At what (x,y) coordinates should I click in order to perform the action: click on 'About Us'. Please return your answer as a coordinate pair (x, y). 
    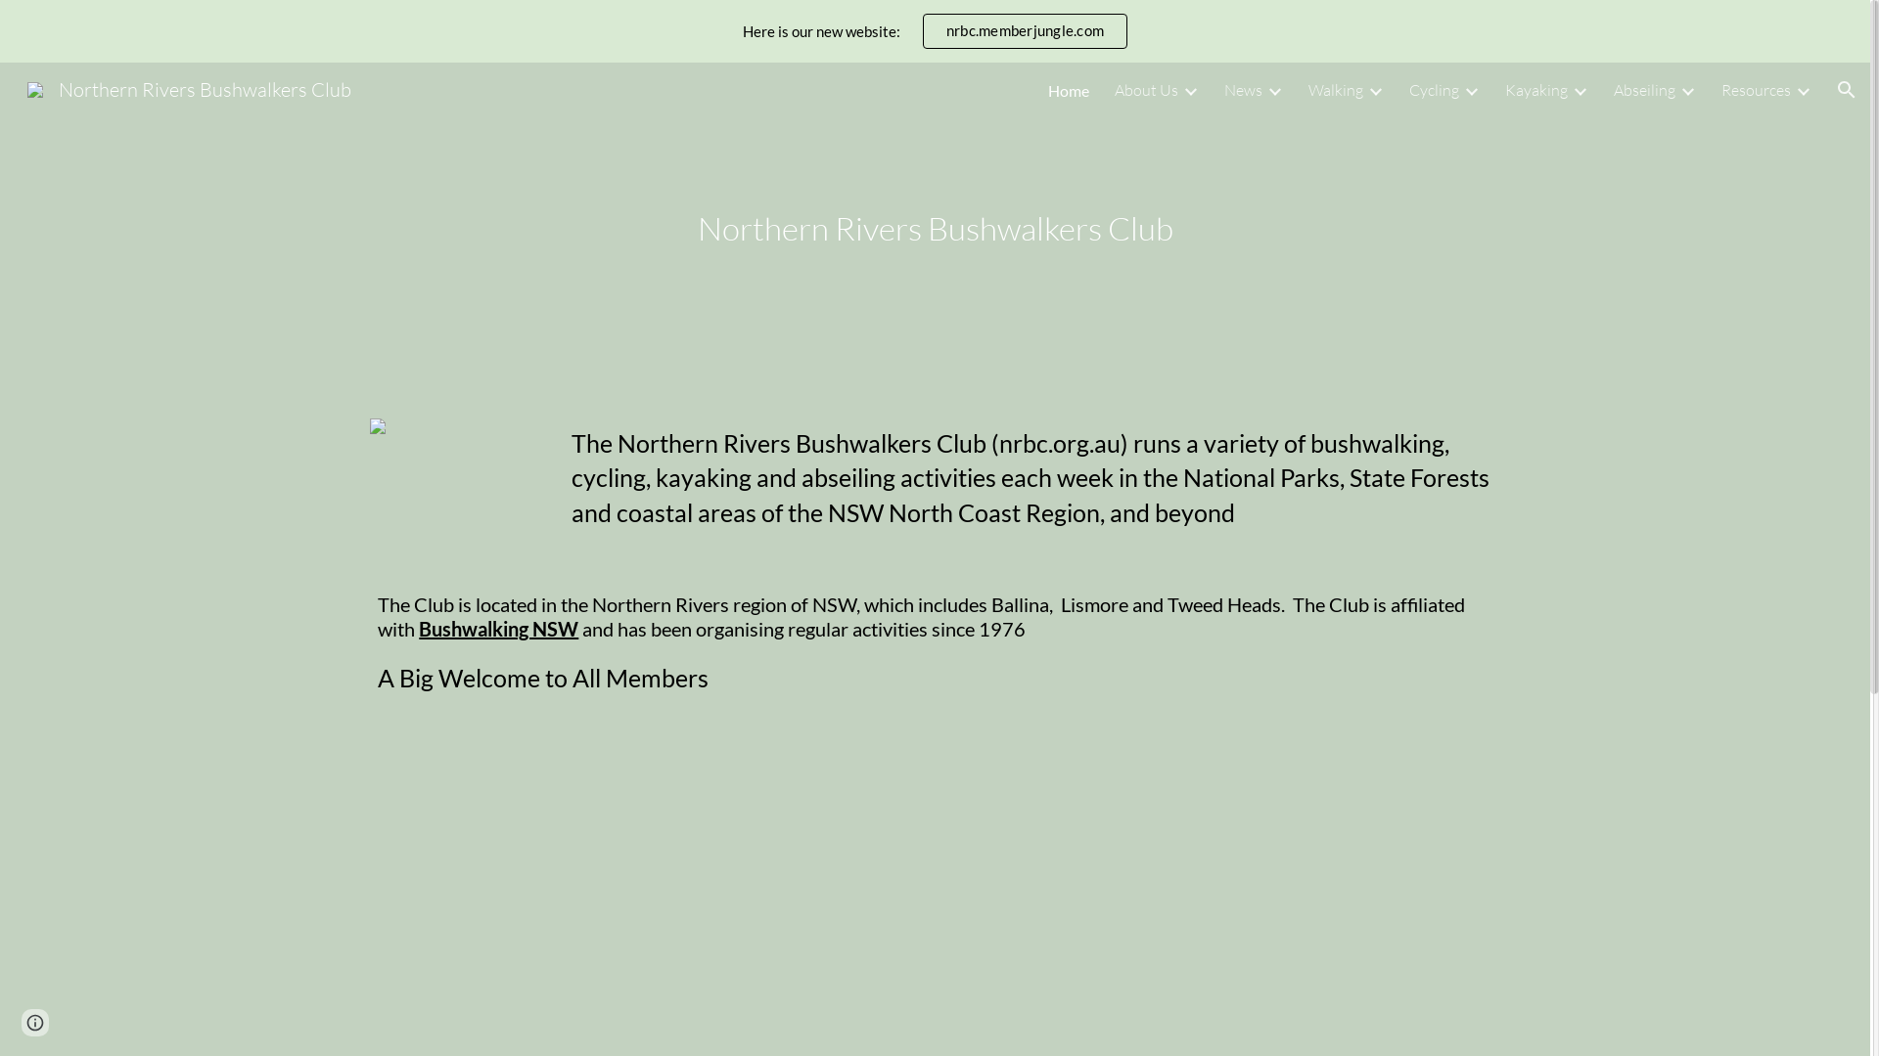
    Looking at the image, I should click on (1114, 90).